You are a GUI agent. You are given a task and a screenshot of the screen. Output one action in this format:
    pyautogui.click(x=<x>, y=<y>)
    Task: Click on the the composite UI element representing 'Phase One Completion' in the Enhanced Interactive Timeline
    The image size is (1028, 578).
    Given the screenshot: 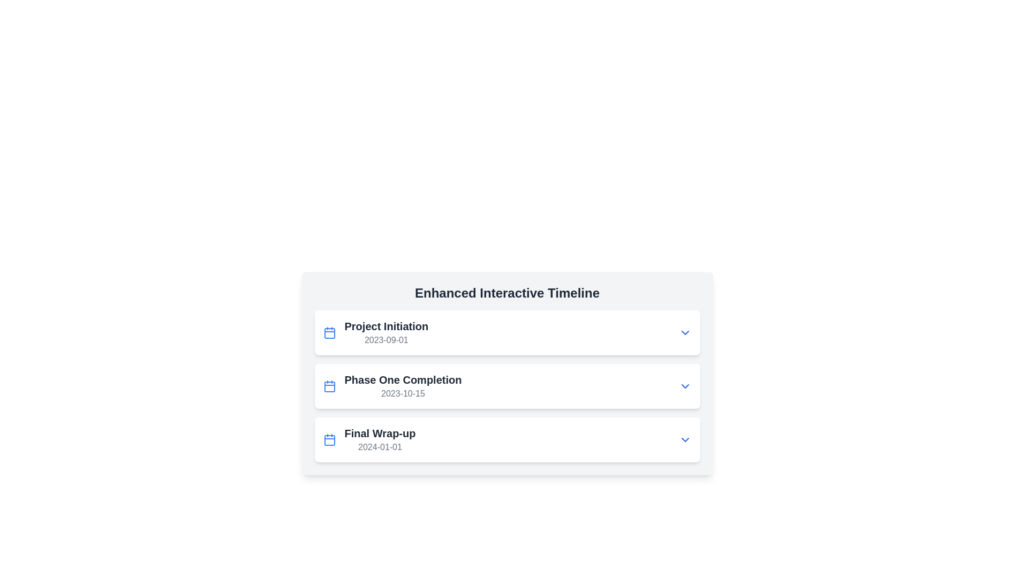 What is the action you would take?
    pyautogui.click(x=507, y=386)
    